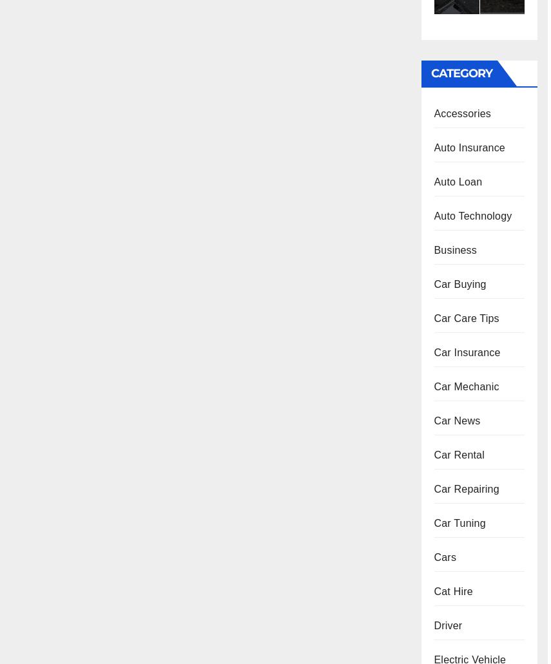  Describe the element at coordinates (447, 625) in the screenshot. I see `'Driver'` at that location.